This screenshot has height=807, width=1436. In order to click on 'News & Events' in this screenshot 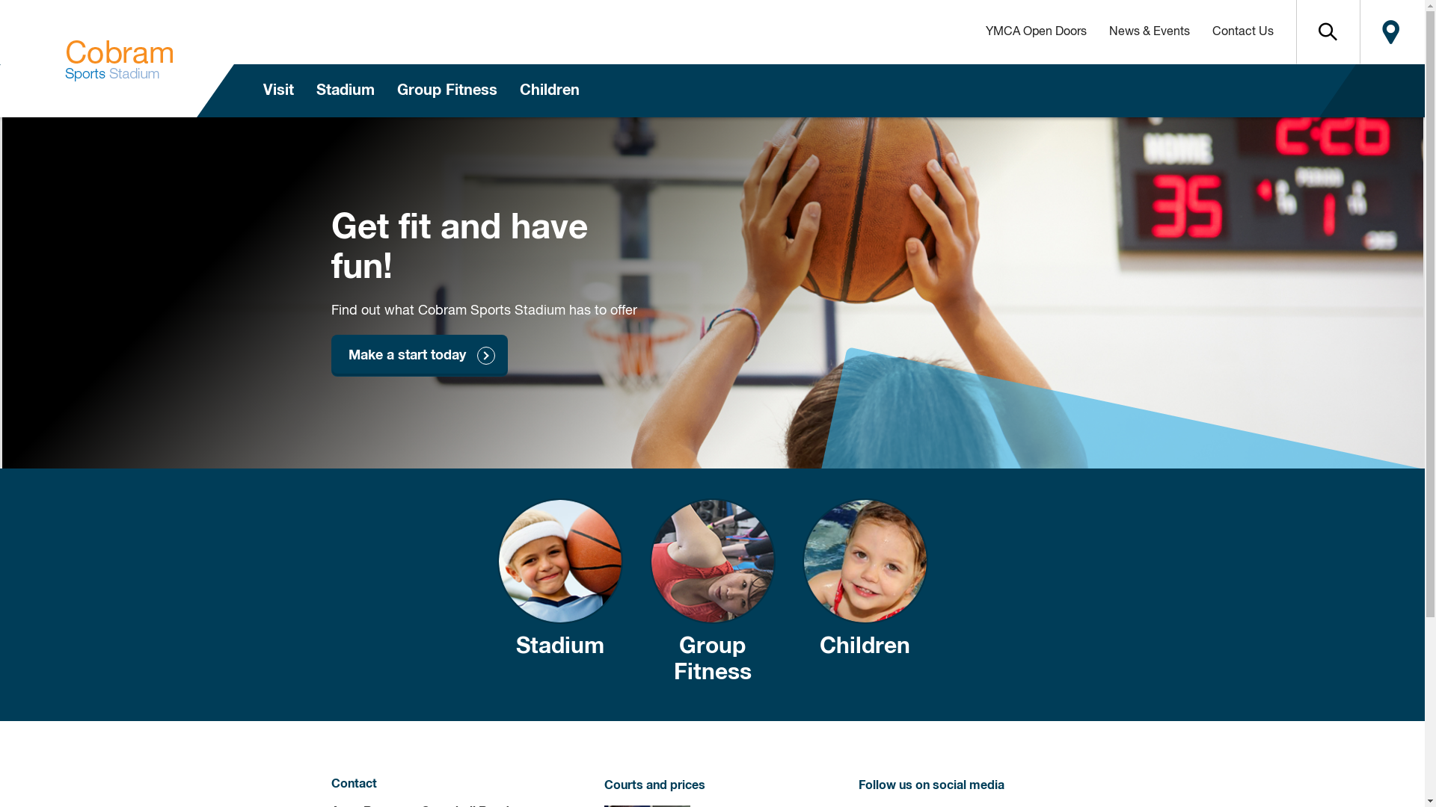, I will do `click(1098, 31)`.